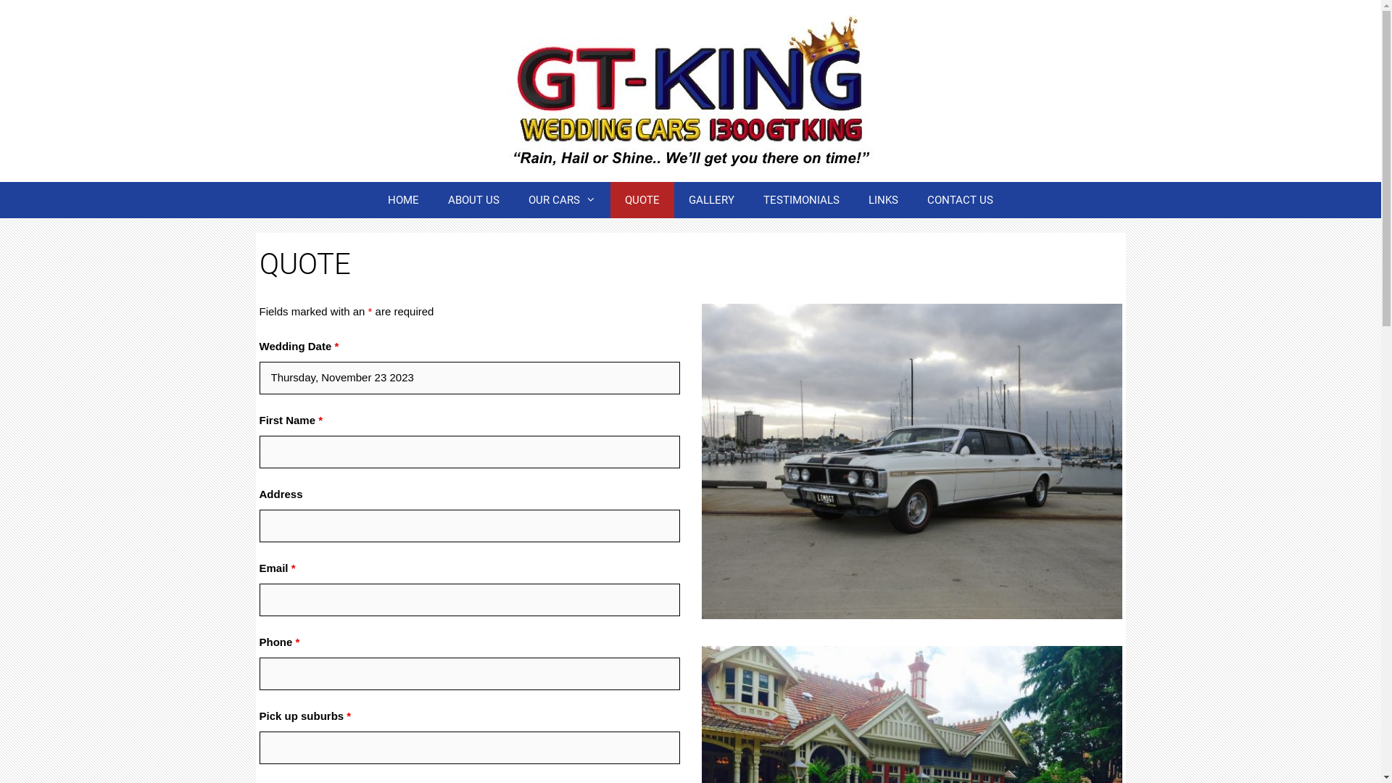 The height and width of the screenshot is (783, 1392). Describe the element at coordinates (689, 91) in the screenshot. I see `'GT KING Wedding Cars and Limo Hire'` at that location.